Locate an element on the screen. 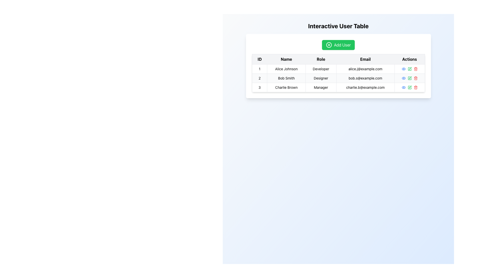 The height and width of the screenshot is (270, 480). the Text Label displaying the name of the individual in the first row of the 'Name' column, located between the 'ID' column and the 'Role' column is located at coordinates (286, 69).